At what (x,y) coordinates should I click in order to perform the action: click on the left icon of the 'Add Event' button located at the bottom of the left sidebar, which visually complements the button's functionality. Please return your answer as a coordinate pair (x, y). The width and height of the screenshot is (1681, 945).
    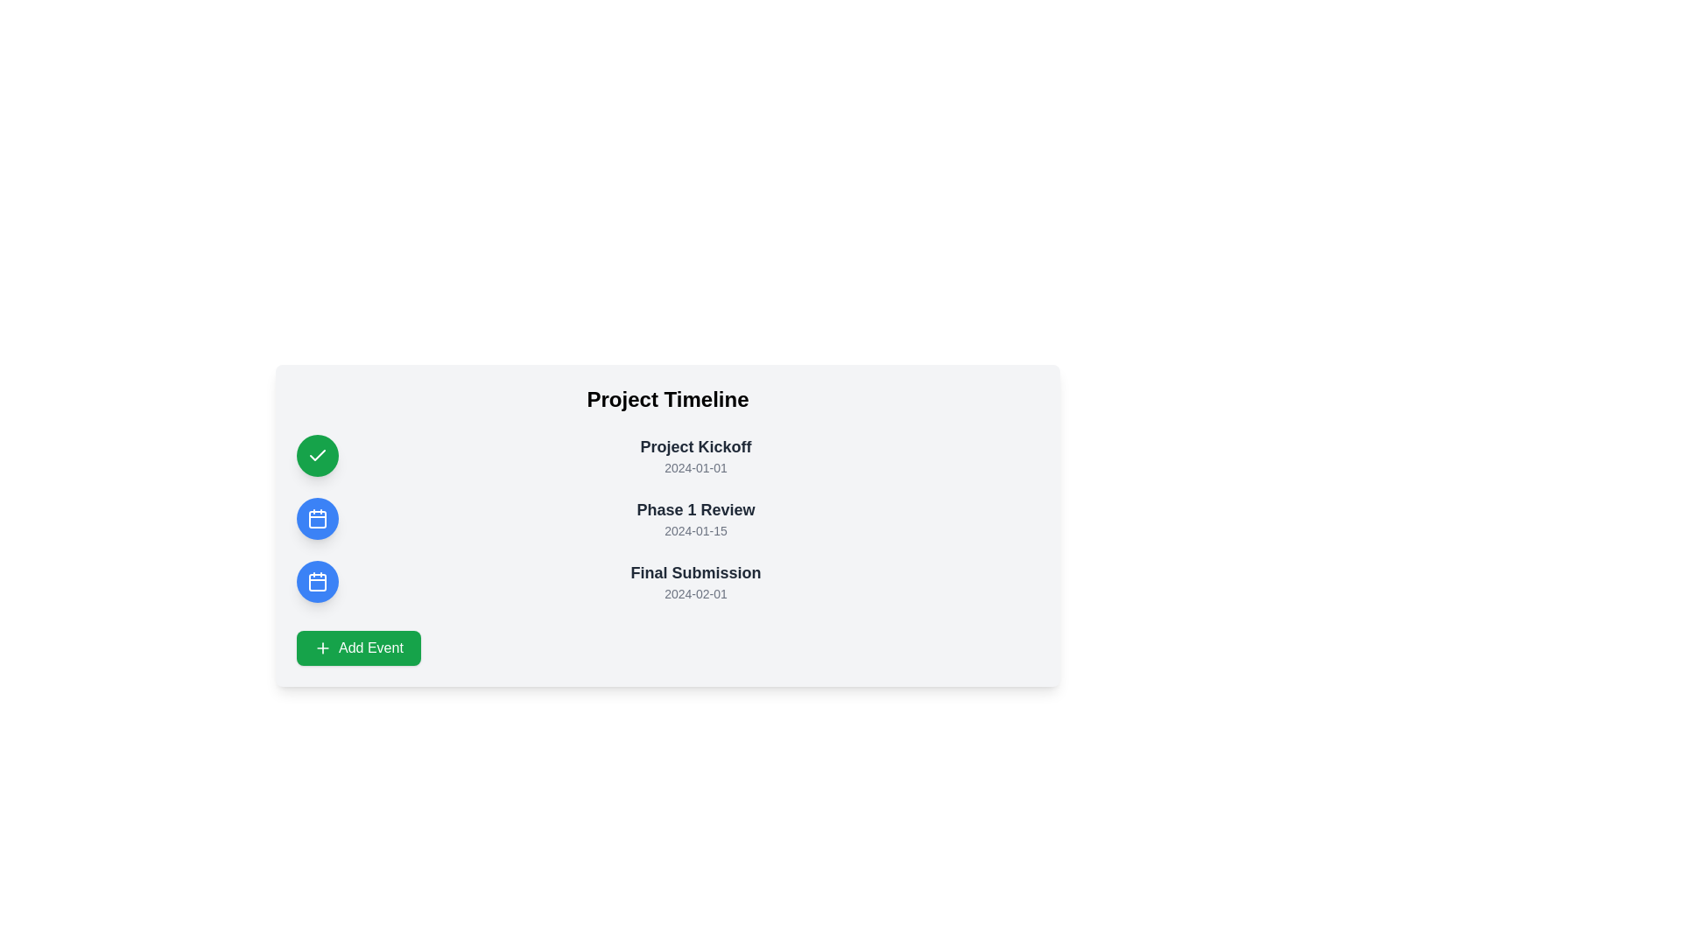
    Looking at the image, I should click on (323, 647).